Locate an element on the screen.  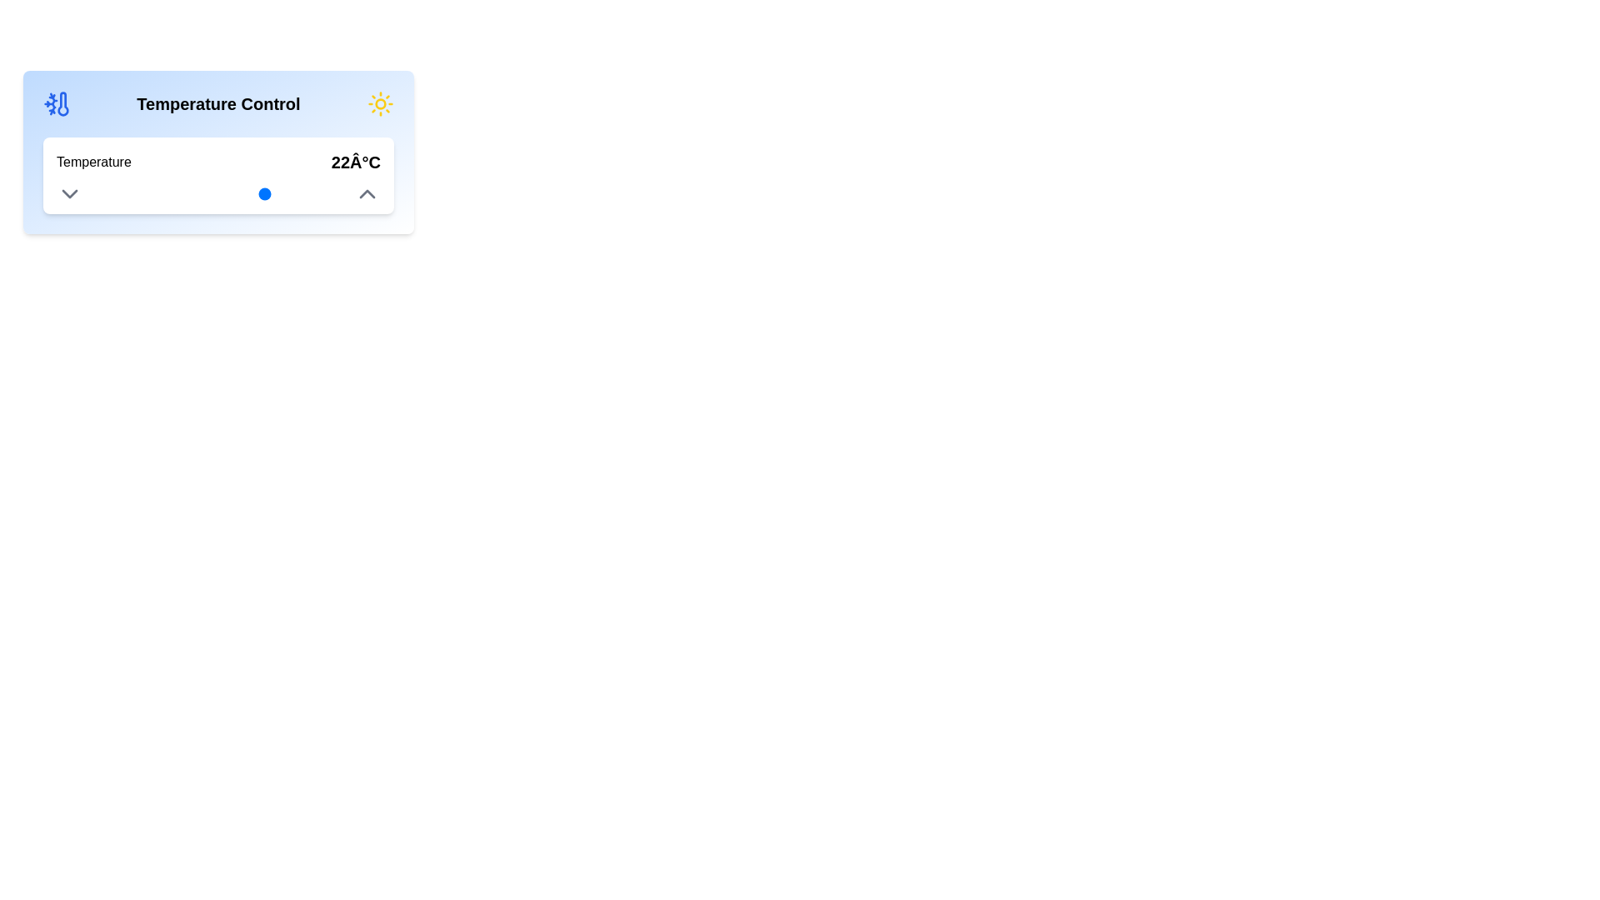
the temperature is located at coordinates (254, 192).